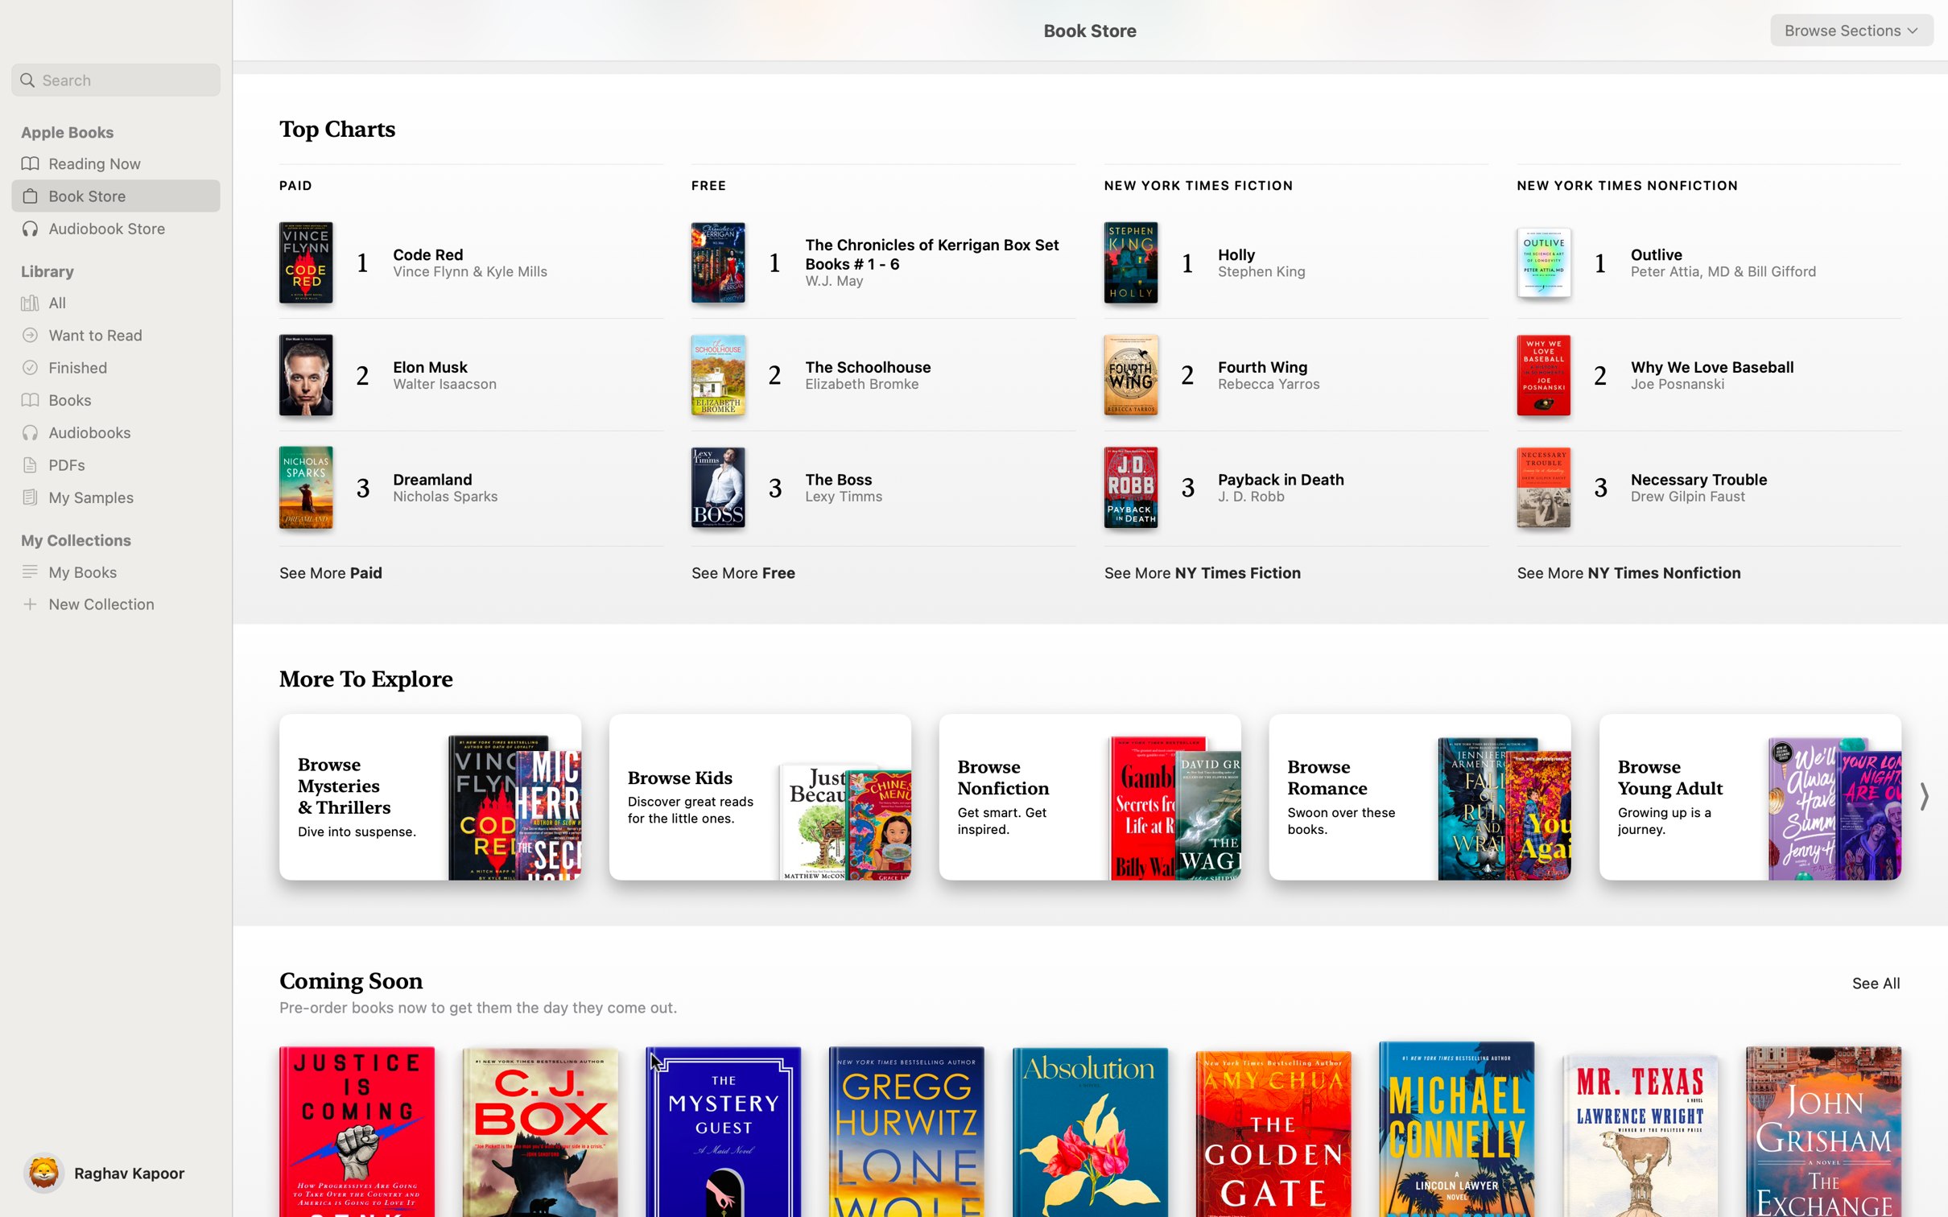 This screenshot has width=1948, height=1217. What do you see at coordinates (115, 80) in the screenshot?
I see `Locate the book "The Power of Now" using the search function` at bounding box center [115, 80].